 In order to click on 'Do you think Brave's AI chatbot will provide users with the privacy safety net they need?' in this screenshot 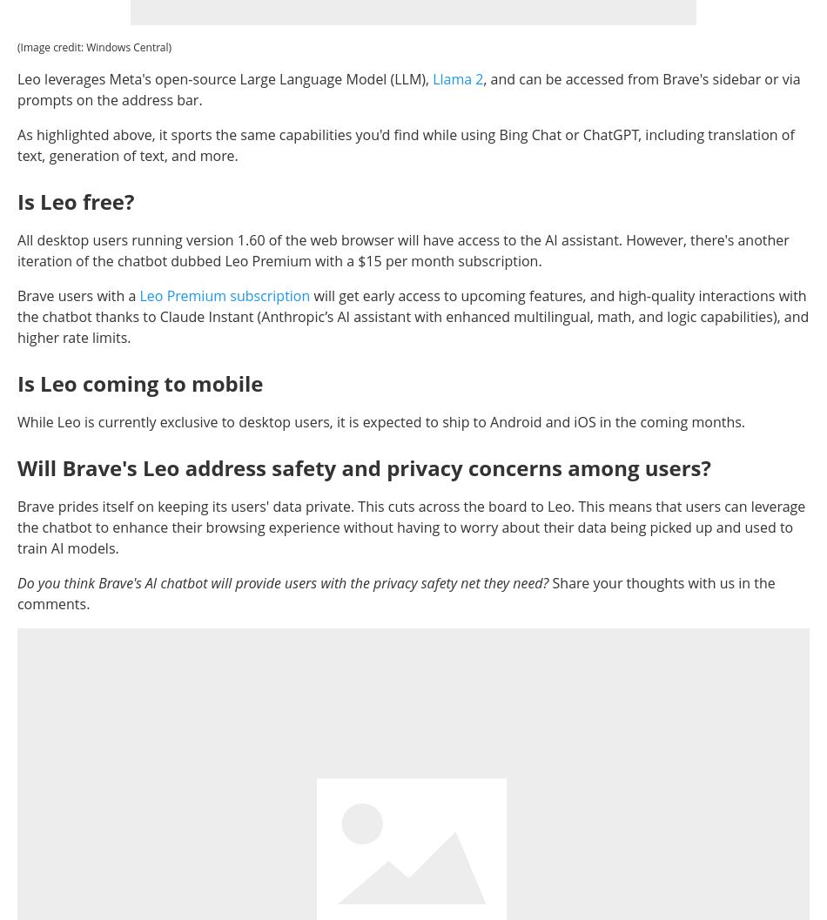, I will do `click(281, 581)`.